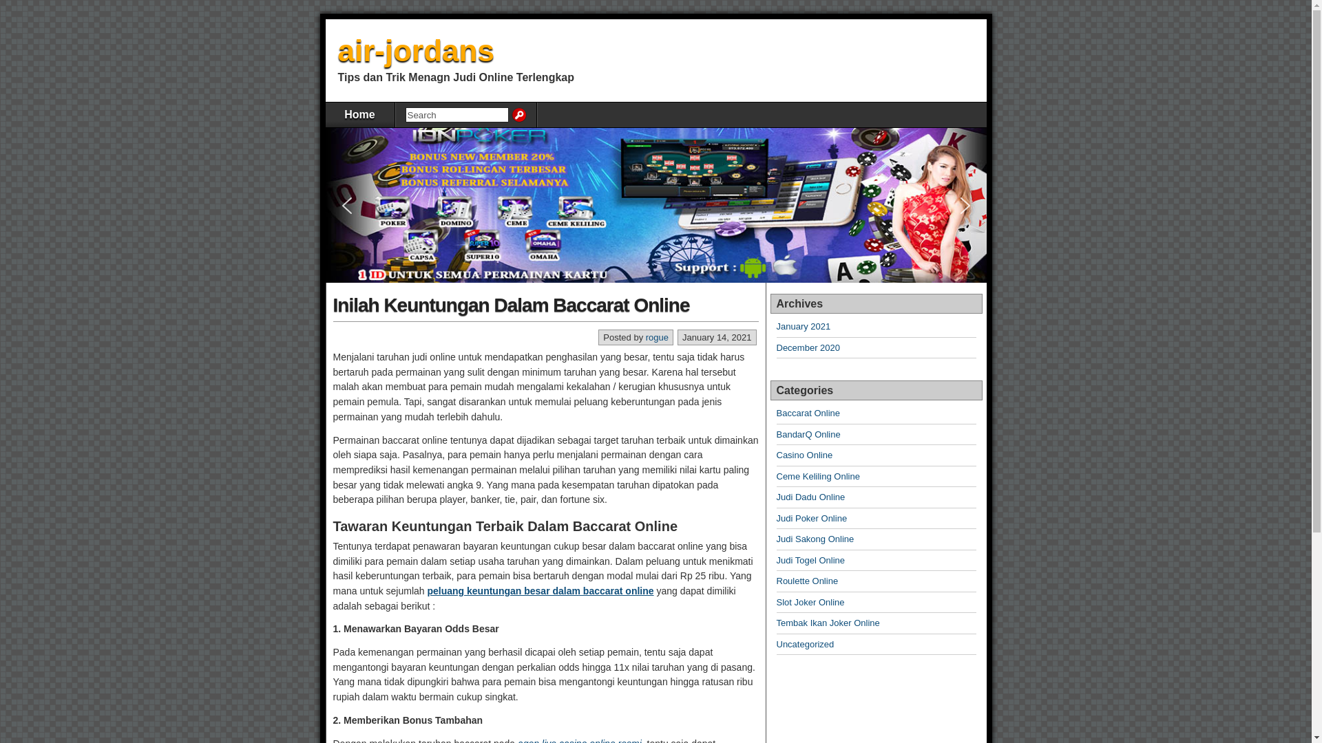 The image size is (1322, 743). What do you see at coordinates (810, 601) in the screenshot?
I see `'Slot Joker Online'` at bounding box center [810, 601].